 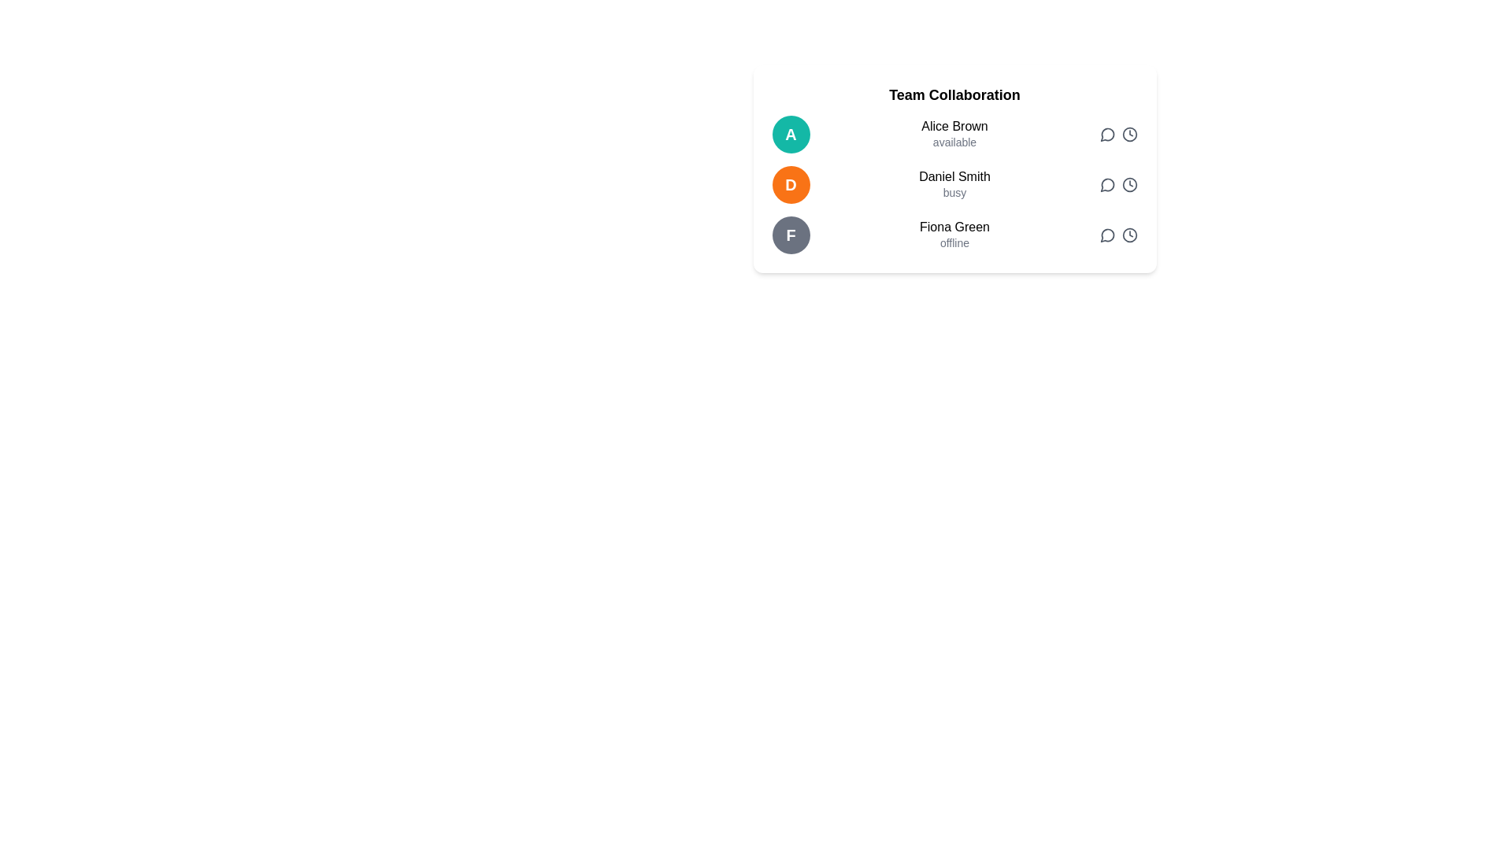 I want to click on Profile Icon, which is a circular picture with a gray background and a white 'F' in the center, positioned at the left end of the 'Fiona Green' row in the 'Team Collaboration' section, so click(x=791, y=235).